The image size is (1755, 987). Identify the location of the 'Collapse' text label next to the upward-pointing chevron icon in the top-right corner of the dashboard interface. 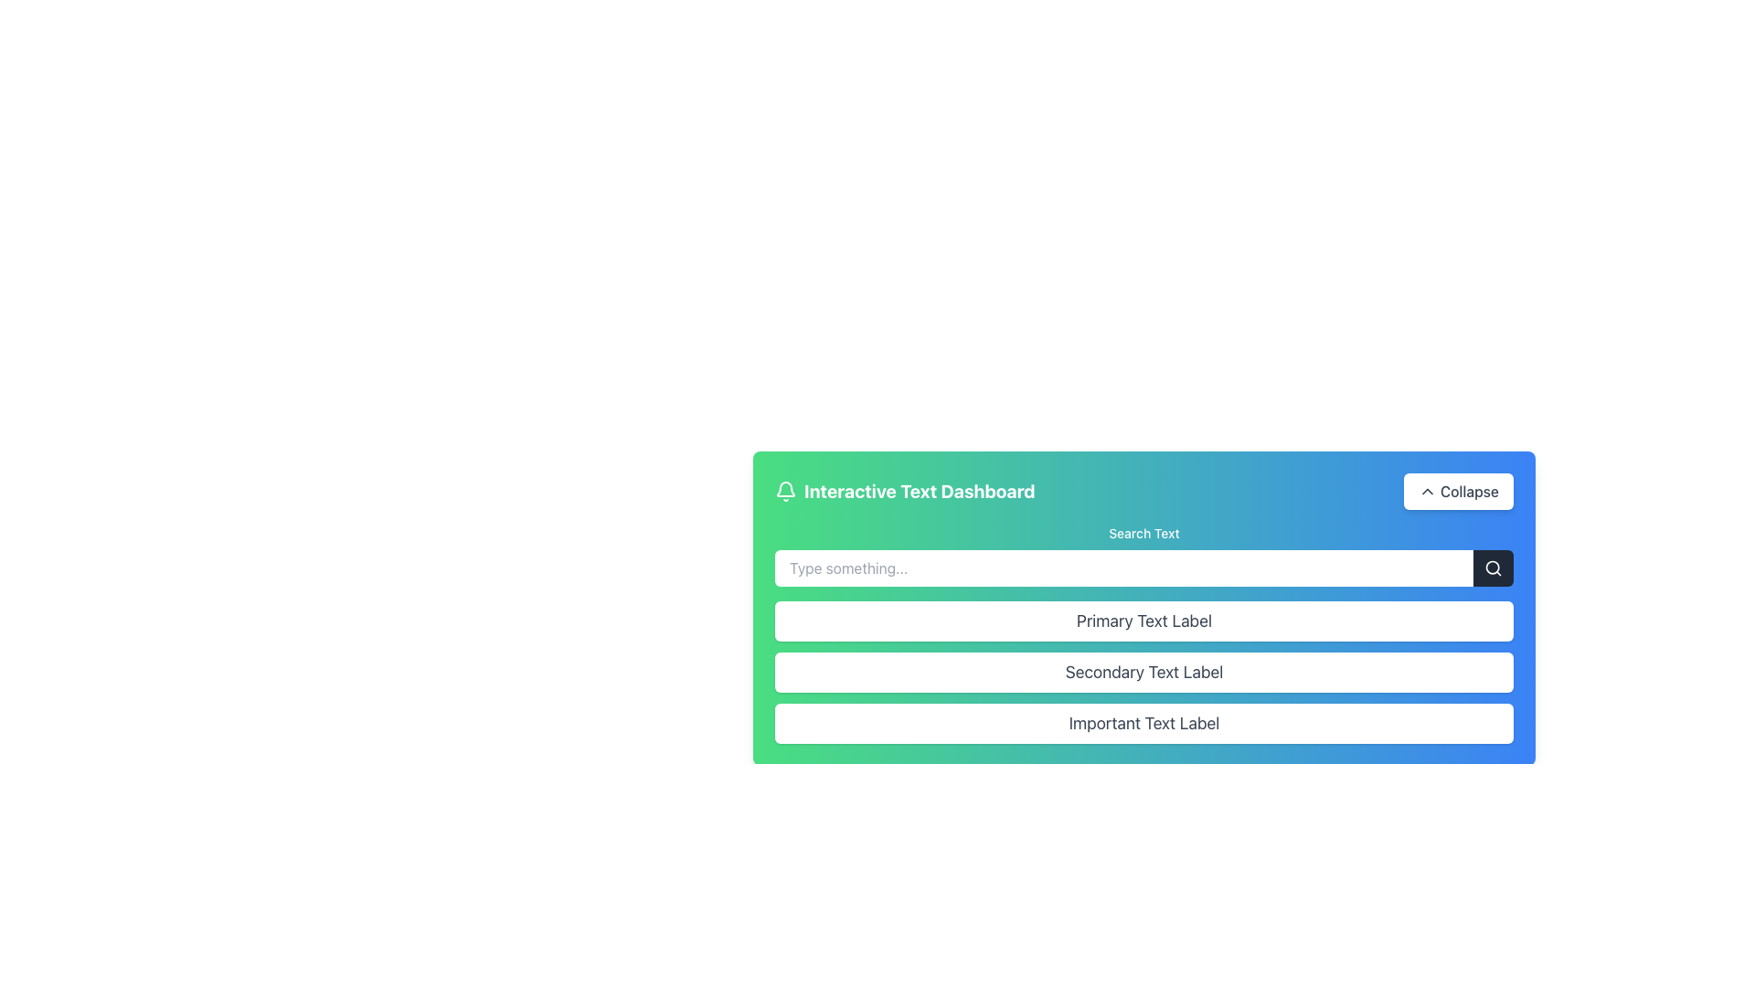
(1470, 490).